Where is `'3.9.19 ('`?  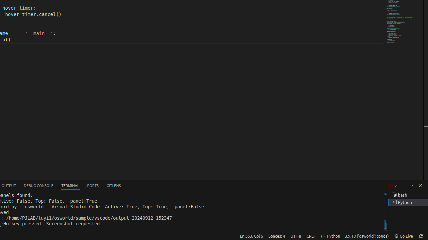
'3.9.19 (' is located at coordinates (366, 236).